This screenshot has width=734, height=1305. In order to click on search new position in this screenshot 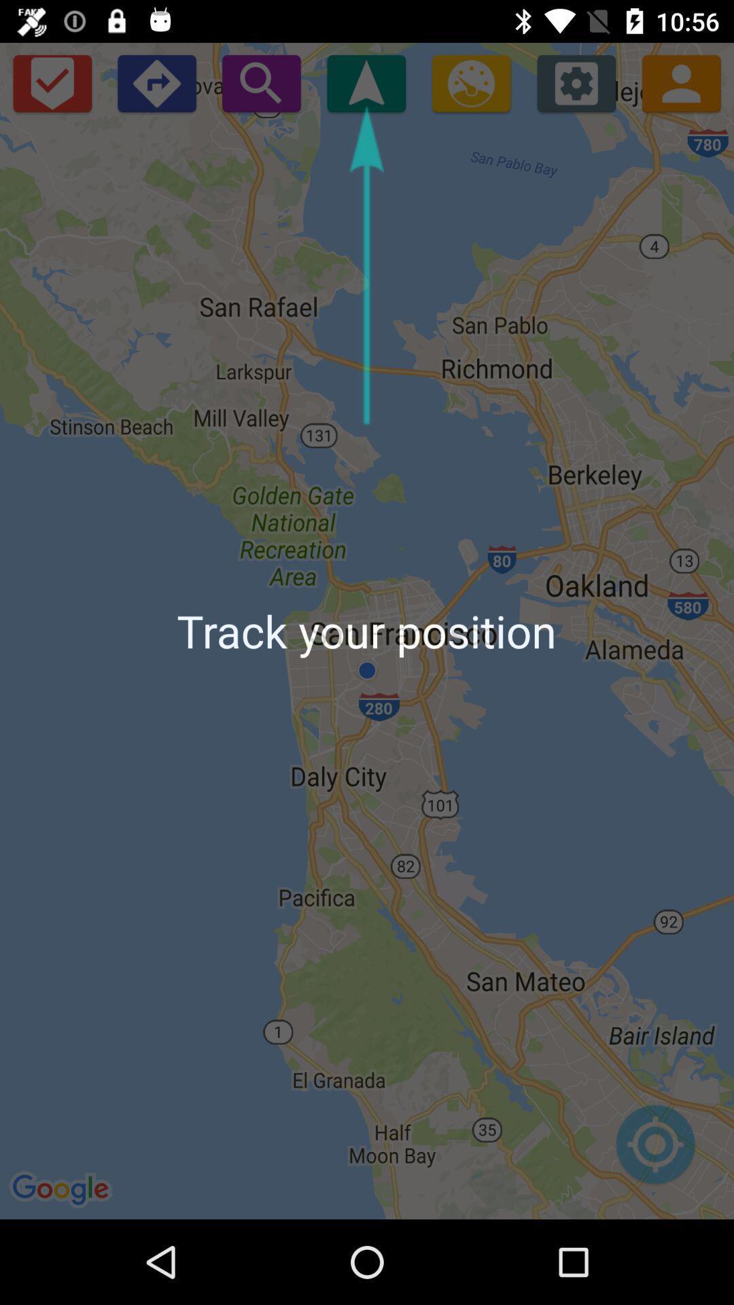, I will do `click(261, 82)`.